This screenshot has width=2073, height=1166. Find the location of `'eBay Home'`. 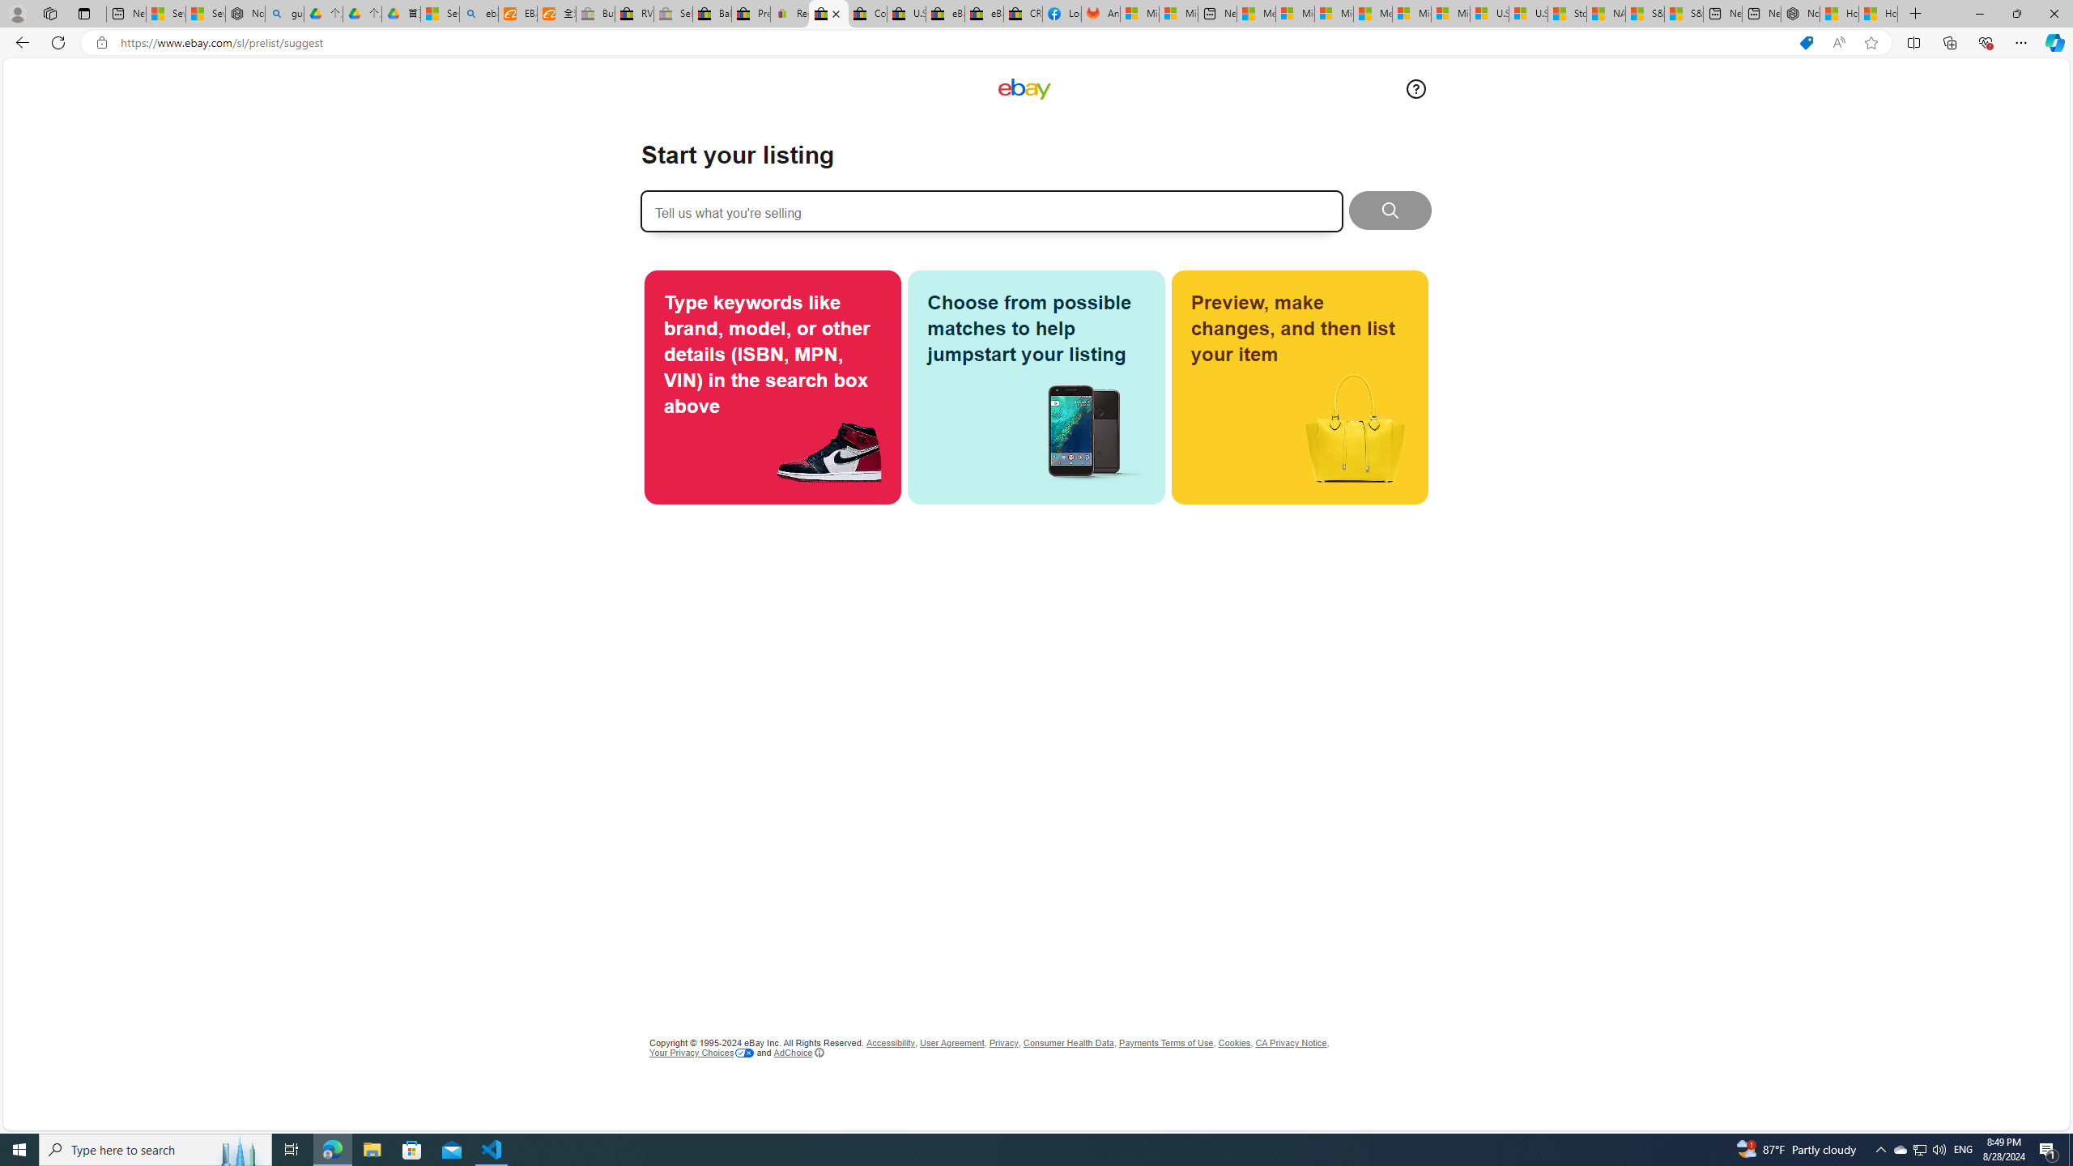

'eBay Home' is located at coordinates (1023, 89).